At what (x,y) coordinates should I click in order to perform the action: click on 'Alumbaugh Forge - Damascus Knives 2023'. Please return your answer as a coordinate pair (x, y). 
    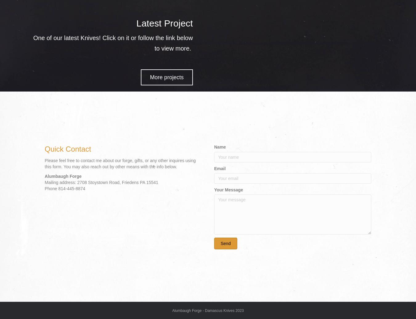
    Looking at the image, I should click on (208, 310).